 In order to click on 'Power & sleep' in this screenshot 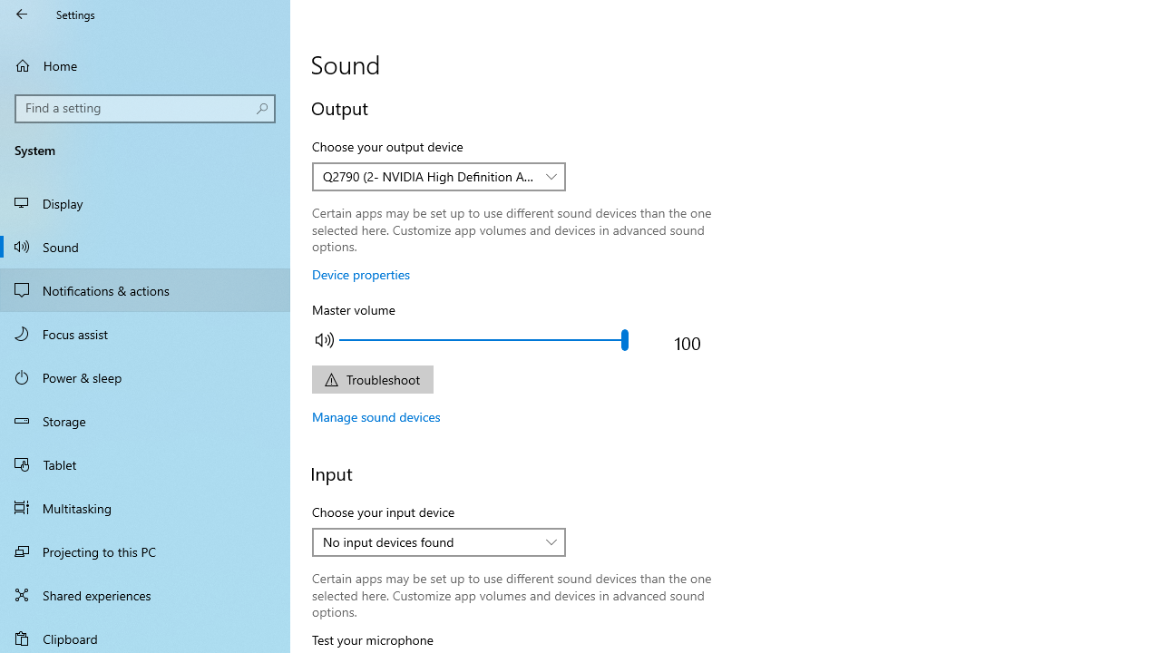, I will do `click(145, 375)`.